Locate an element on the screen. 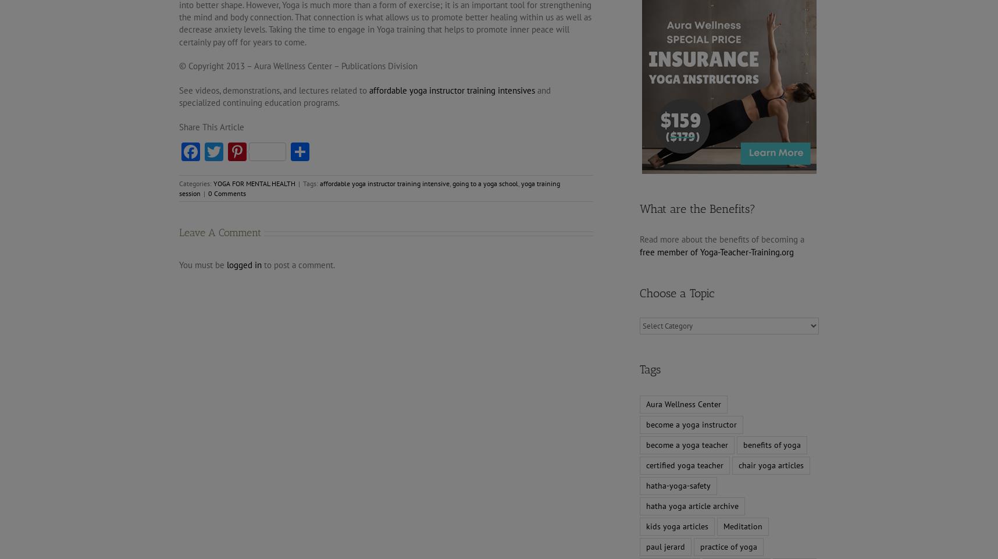 Image resolution: width=998 pixels, height=559 pixels. 'Meditation' is located at coordinates (743, 525).